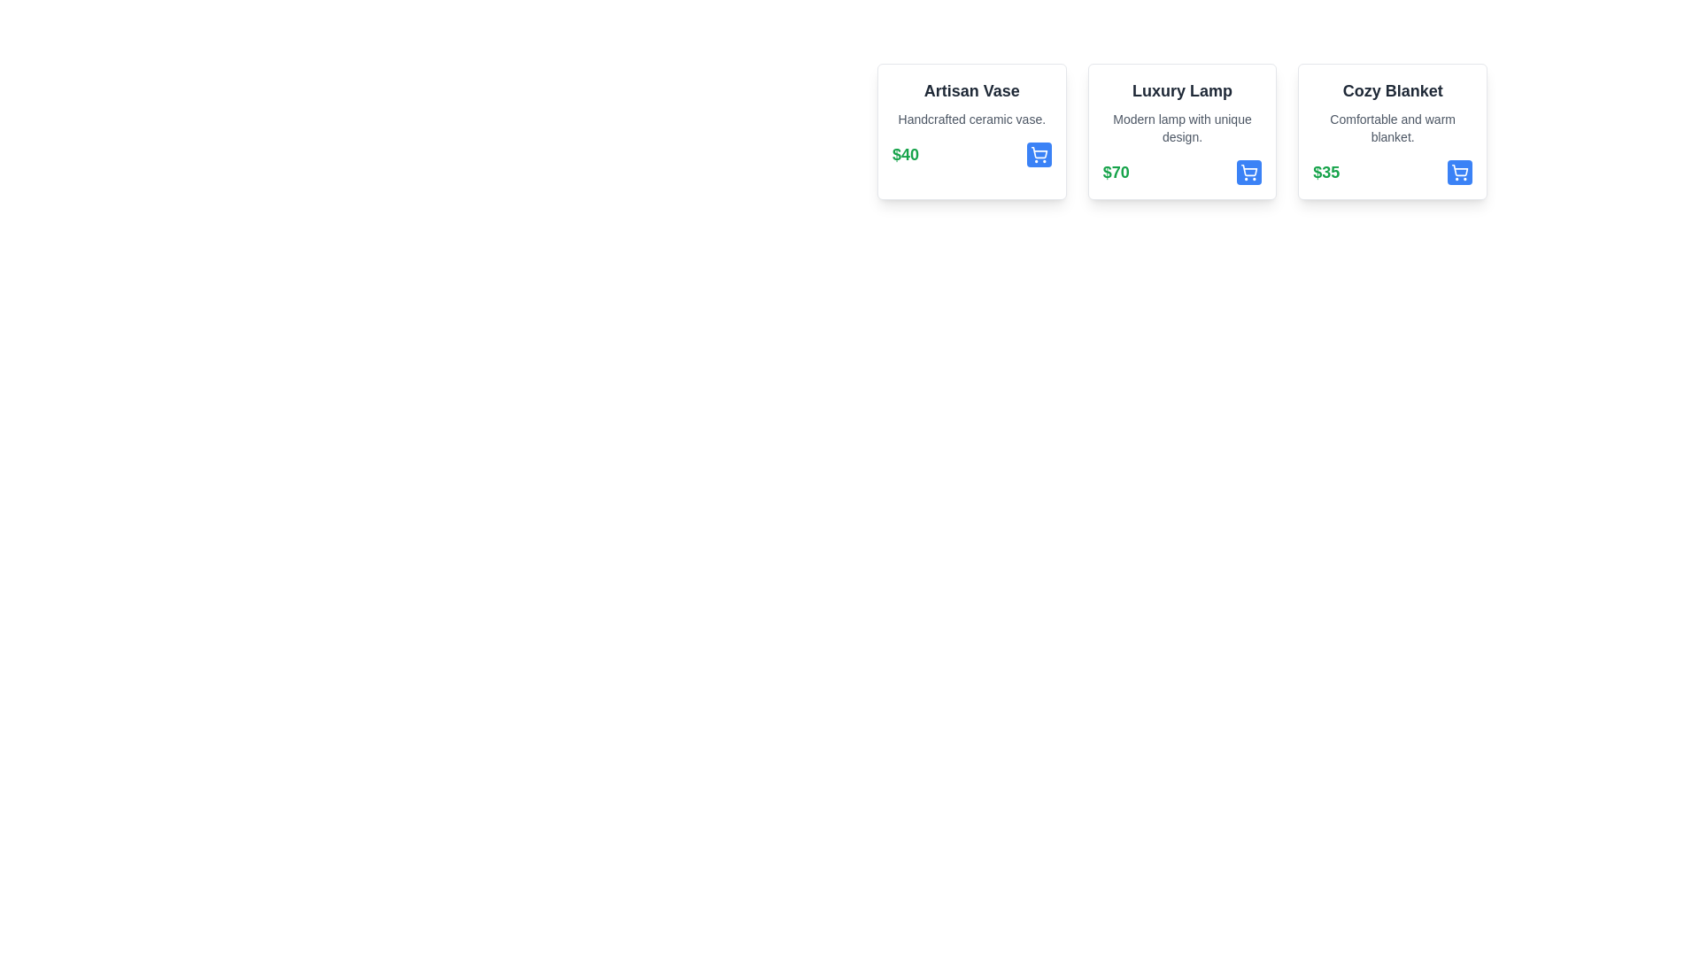 This screenshot has width=1700, height=956. Describe the element at coordinates (1326, 173) in the screenshot. I see `price displayed in the Text Label for the 'Cozy Blanket' product, located below its title and description, adjacent to the shopping cart icon` at that location.